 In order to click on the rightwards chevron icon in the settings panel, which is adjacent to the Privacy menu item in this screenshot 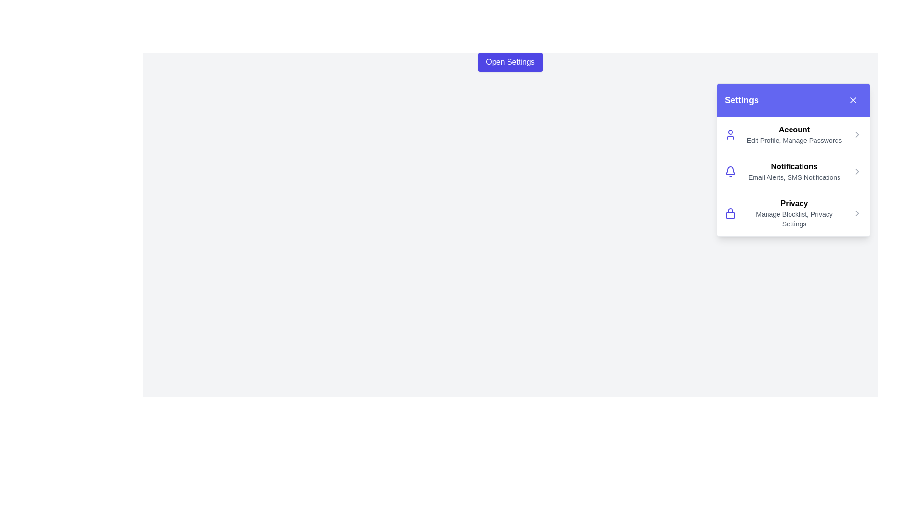, I will do `click(857, 171)`.